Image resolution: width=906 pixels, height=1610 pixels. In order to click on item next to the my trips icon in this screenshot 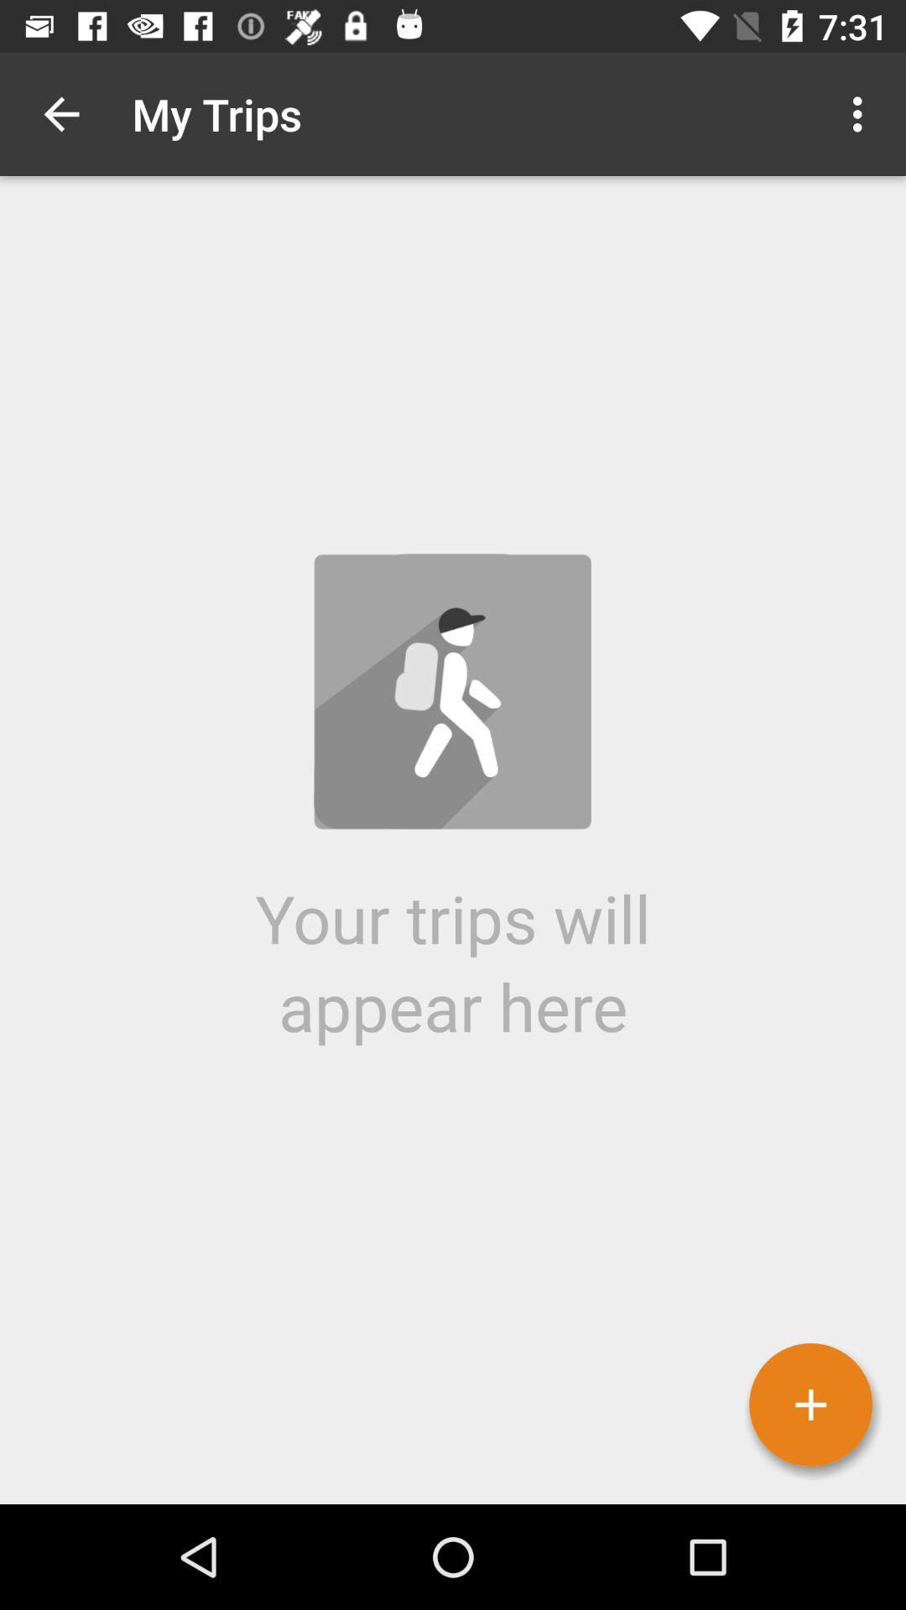, I will do `click(862, 113)`.